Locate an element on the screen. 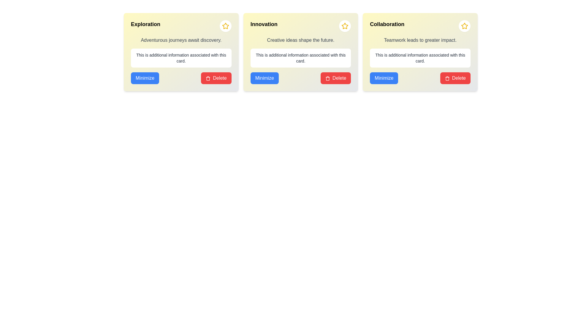  the favorite button located in the top-right corner of the 'Exploration' card is located at coordinates (225, 26).